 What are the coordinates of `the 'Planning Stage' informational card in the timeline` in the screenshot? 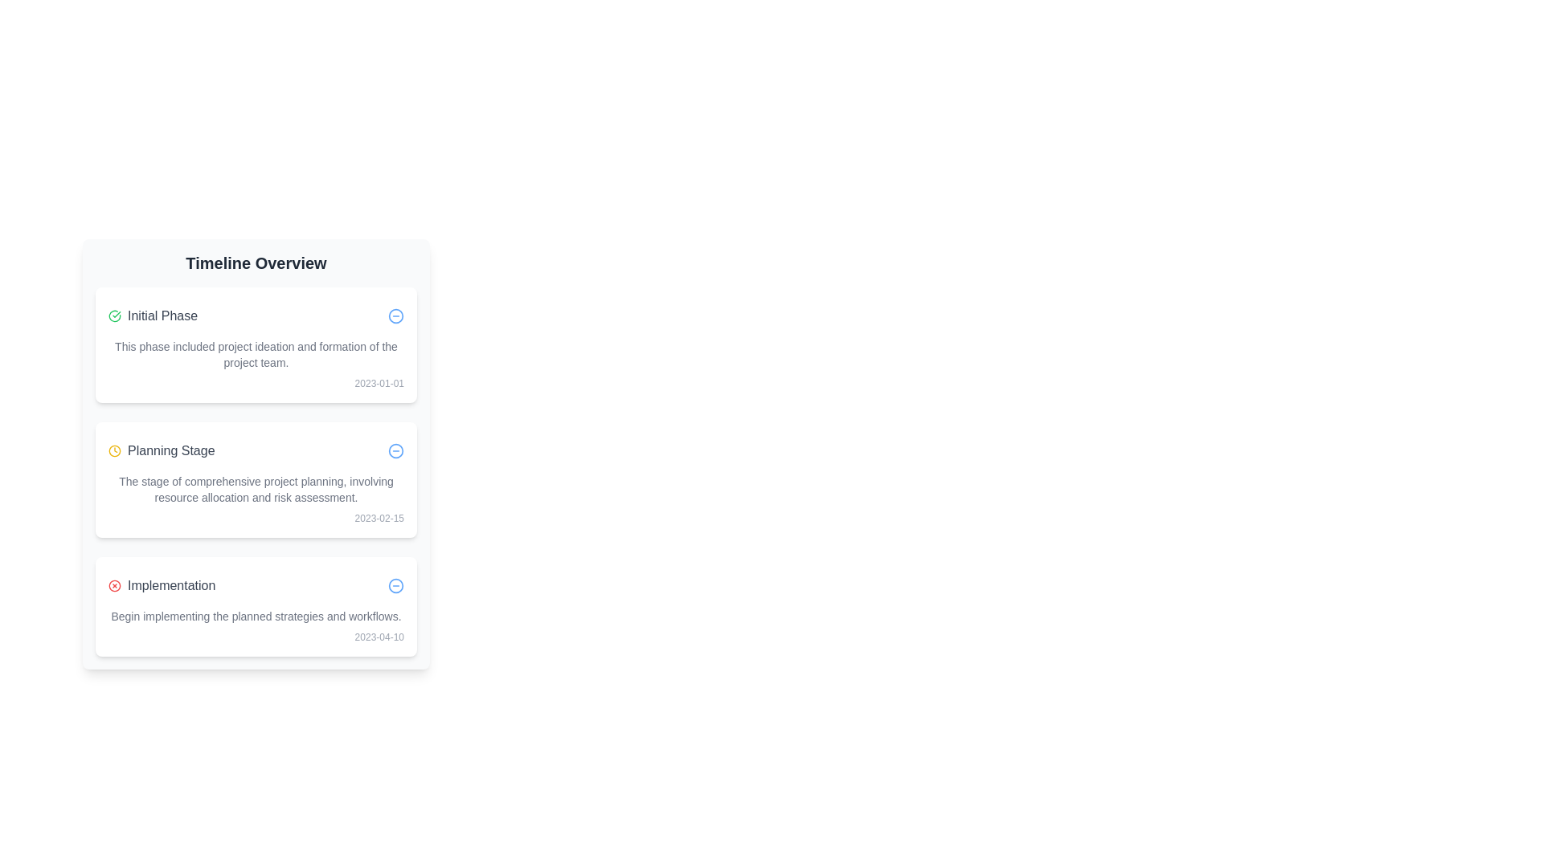 It's located at (255, 478).